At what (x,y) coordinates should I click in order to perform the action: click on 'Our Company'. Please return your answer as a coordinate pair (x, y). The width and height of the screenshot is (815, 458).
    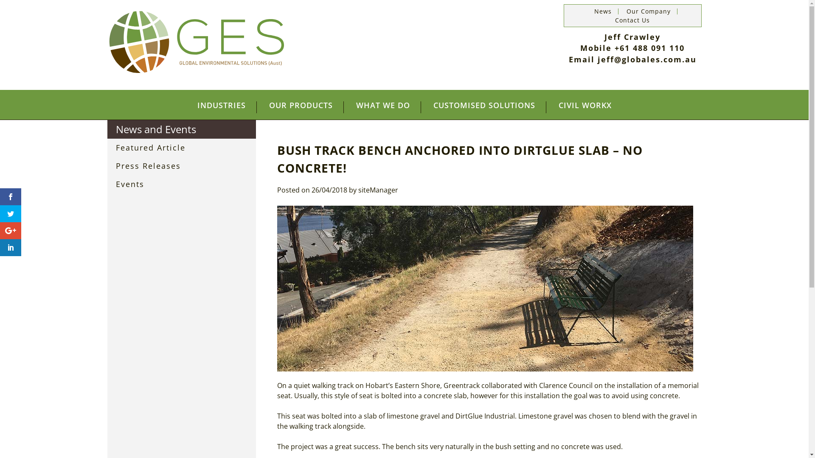
    Looking at the image, I should click on (648, 11).